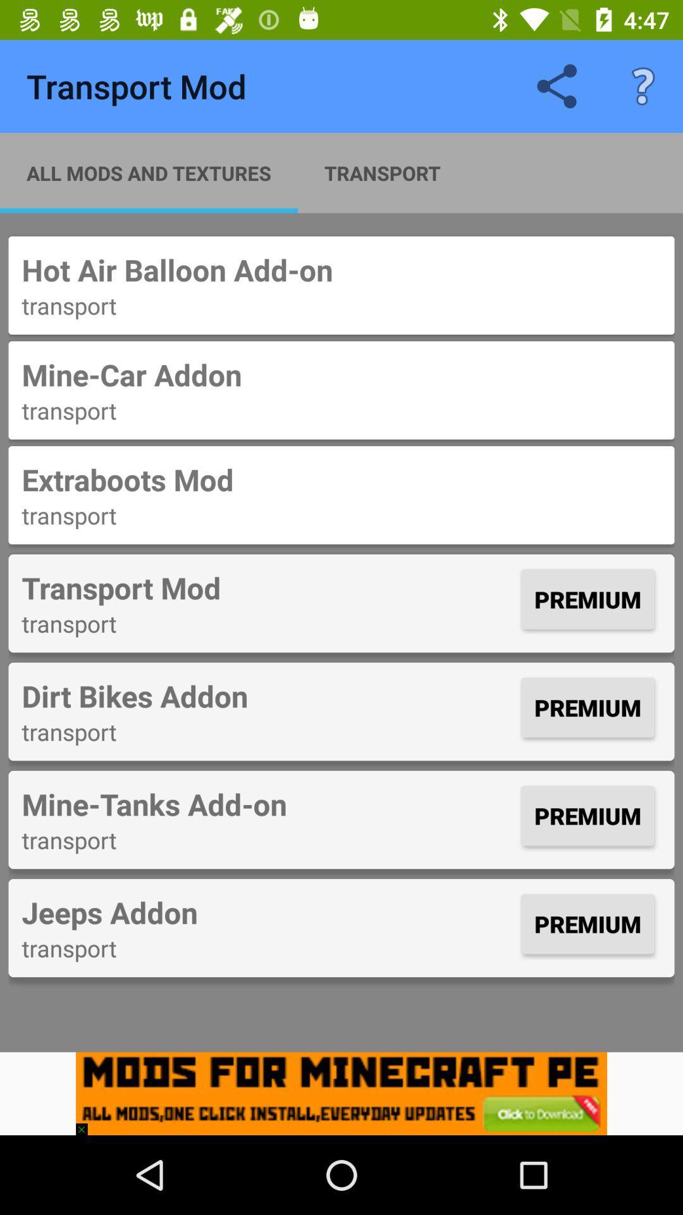 The width and height of the screenshot is (683, 1215). Describe the element at coordinates (341, 1093) in the screenshot. I see `mobile application advertisement` at that location.